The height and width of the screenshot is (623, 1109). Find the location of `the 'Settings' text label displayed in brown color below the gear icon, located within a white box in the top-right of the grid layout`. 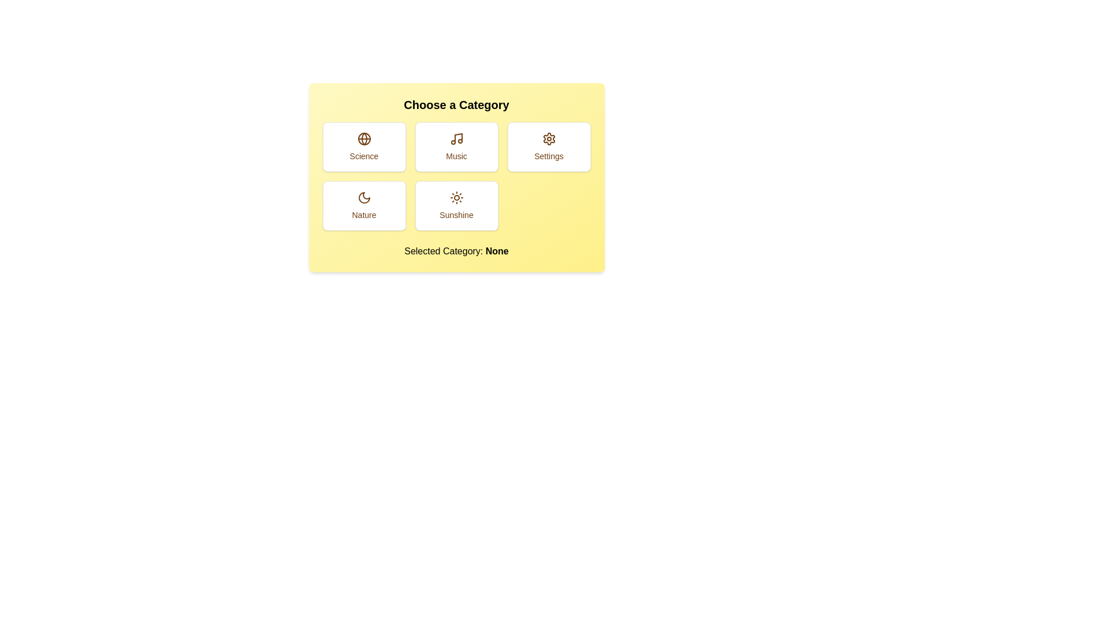

the 'Settings' text label displayed in brown color below the gear icon, located within a white box in the top-right of the grid layout is located at coordinates (548, 156).